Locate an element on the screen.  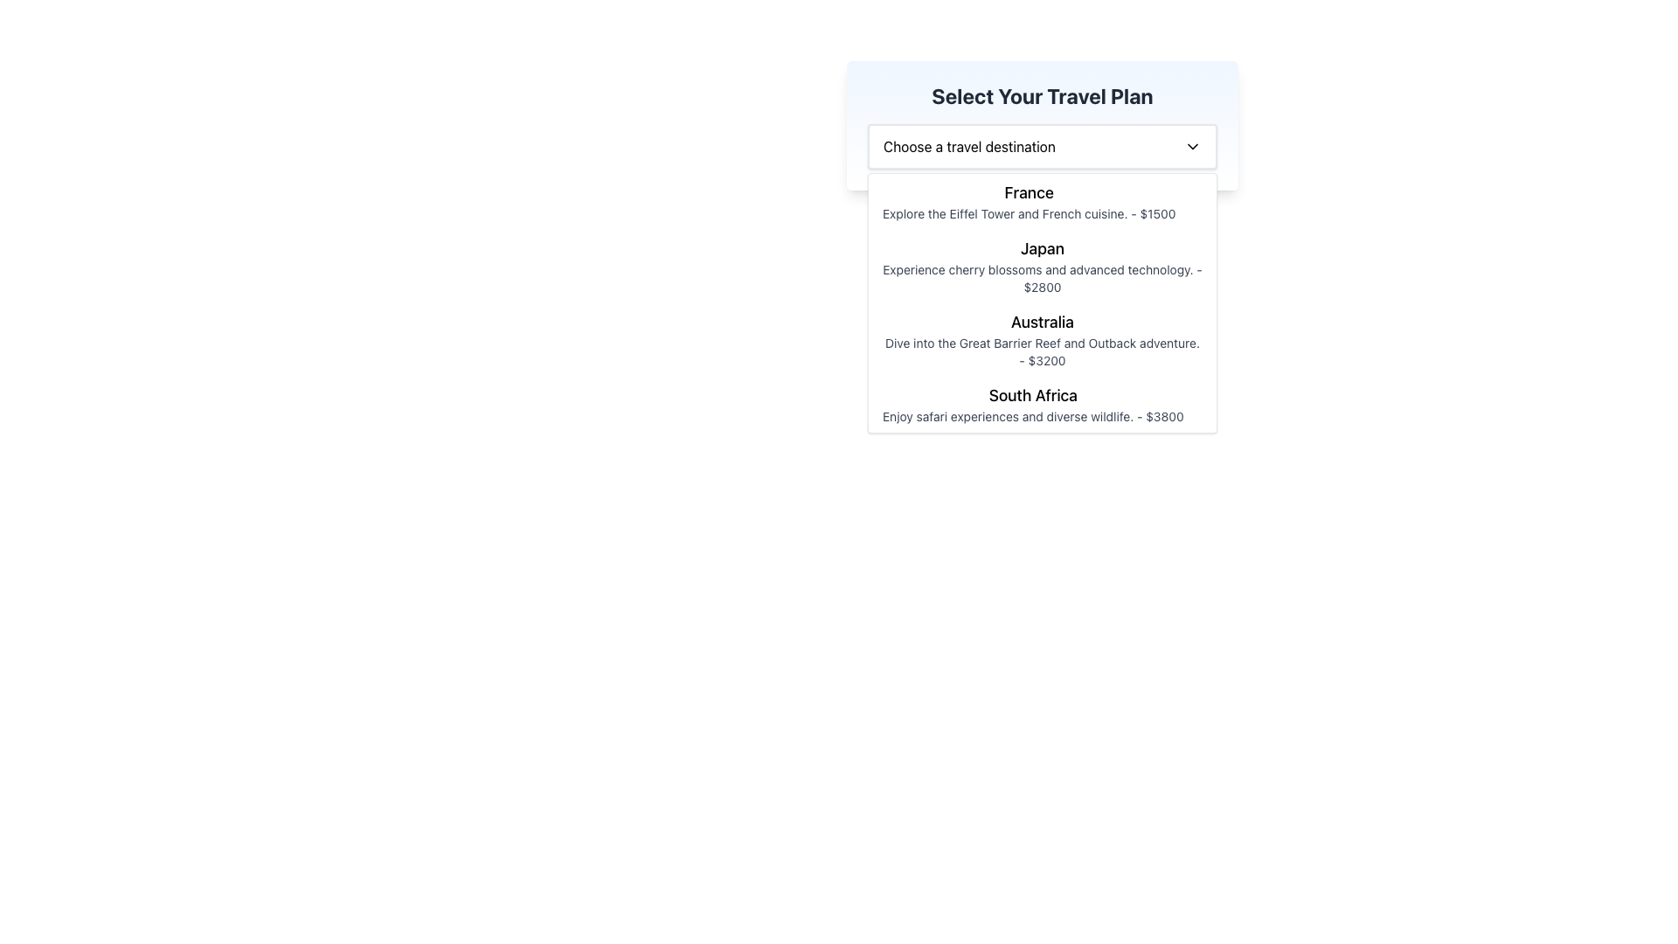
the list item with the bolded title 'Australia' is located at coordinates (1043, 340).